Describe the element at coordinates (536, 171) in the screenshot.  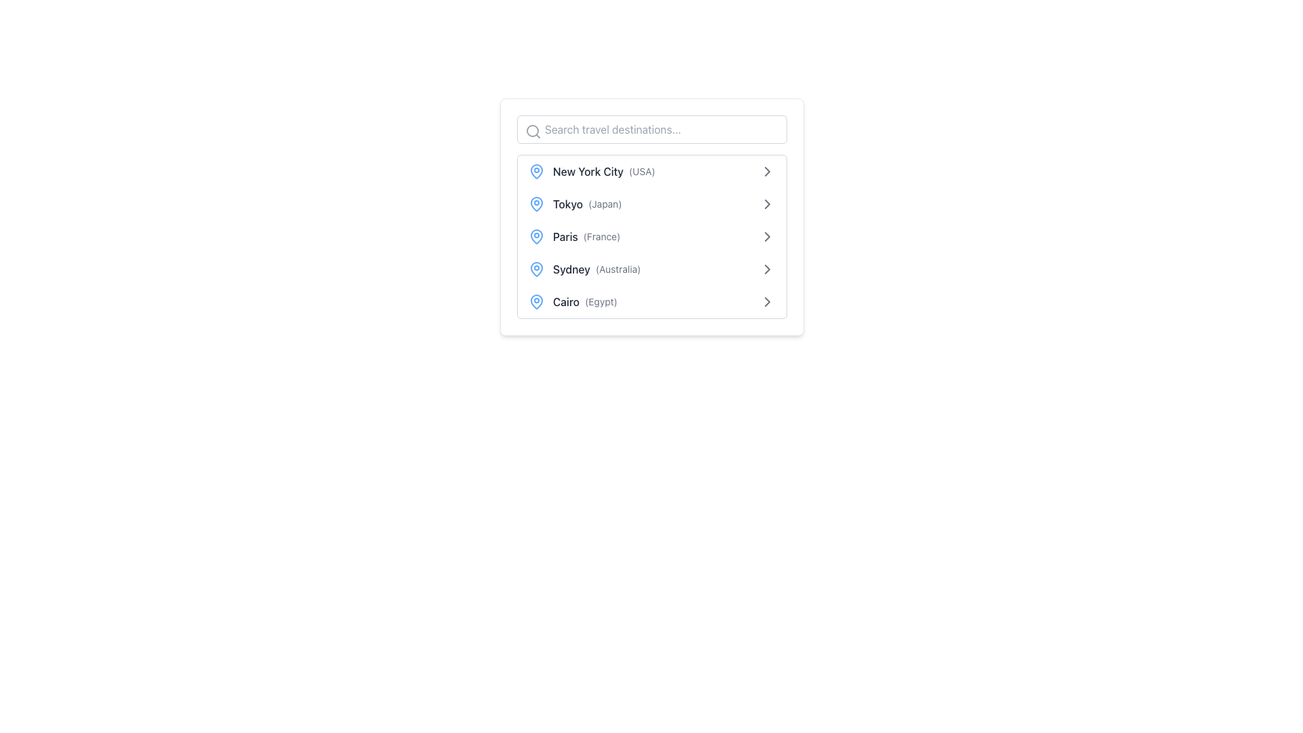
I see `the blue gradient pin icon representing a location marker, which is the first item in a list adjacent to 'New York City' and before '(USA)' in the card interface` at that location.